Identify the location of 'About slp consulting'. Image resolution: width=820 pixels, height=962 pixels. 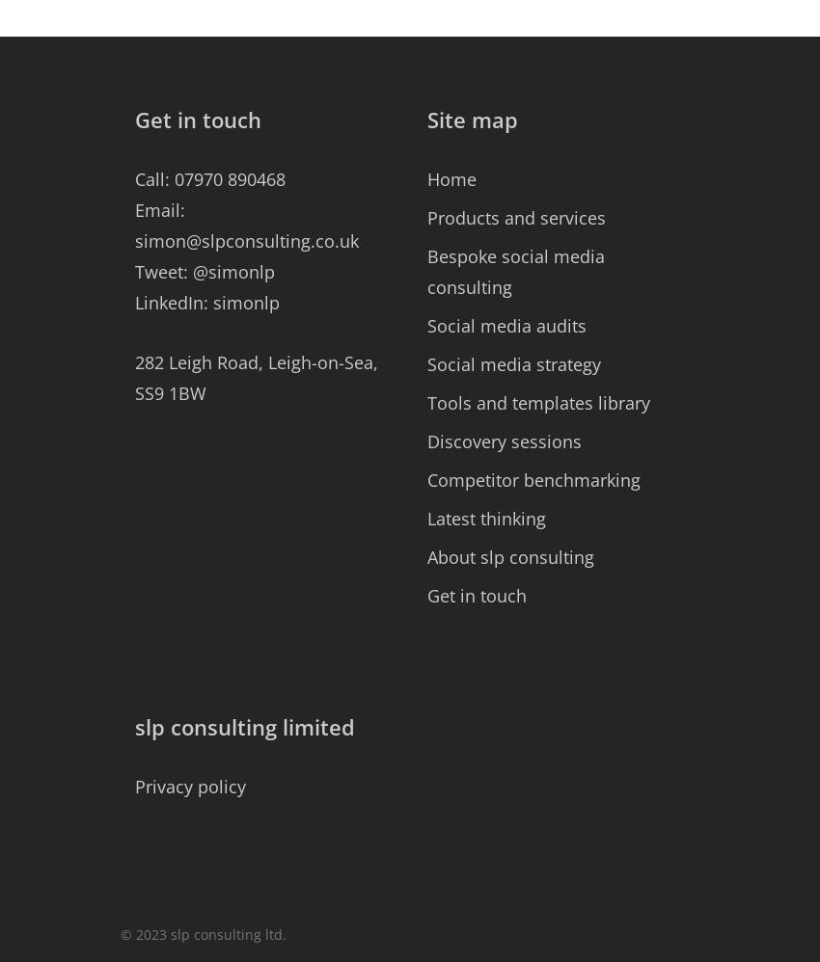
(509, 556).